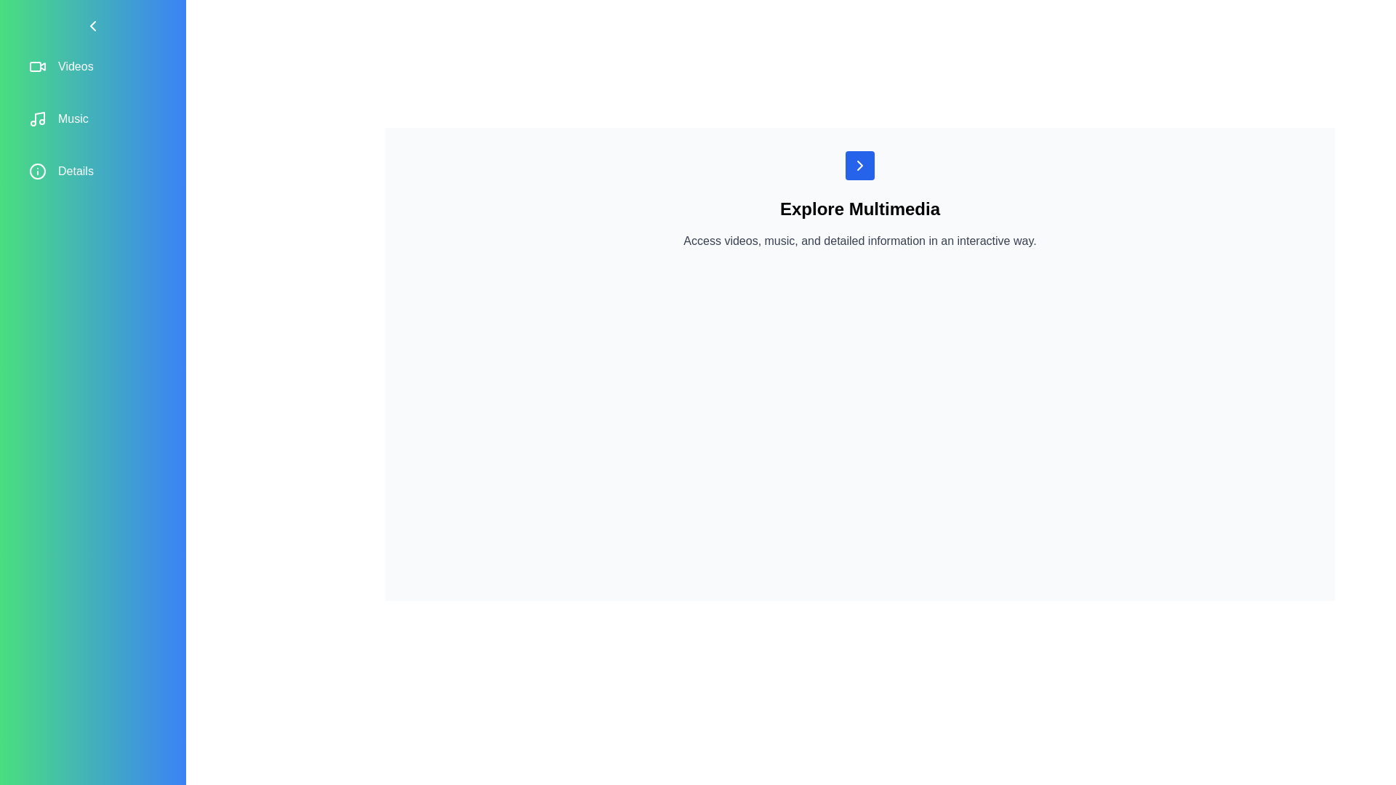 The height and width of the screenshot is (785, 1396). Describe the element at coordinates (859, 164) in the screenshot. I see `button in the main content area to open the sidebar` at that location.